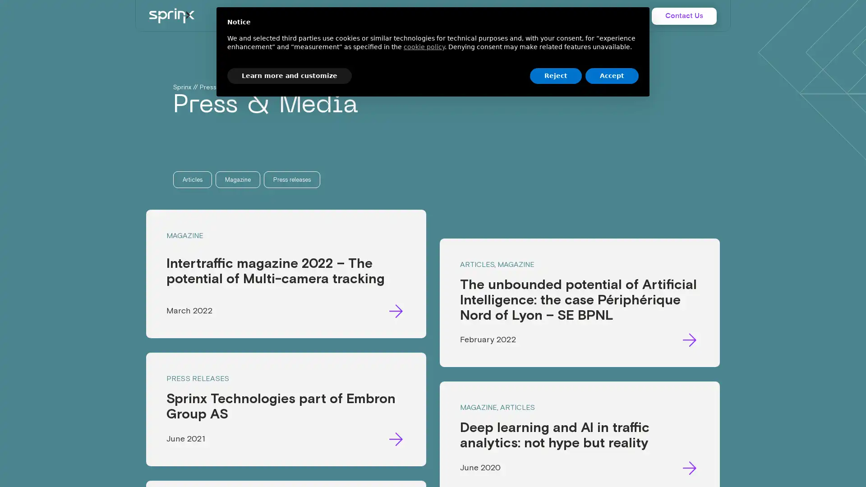  What do you see at coordinates (612, 75) in the screenshot?
I see `Accept` at bounding box center [612, 75].